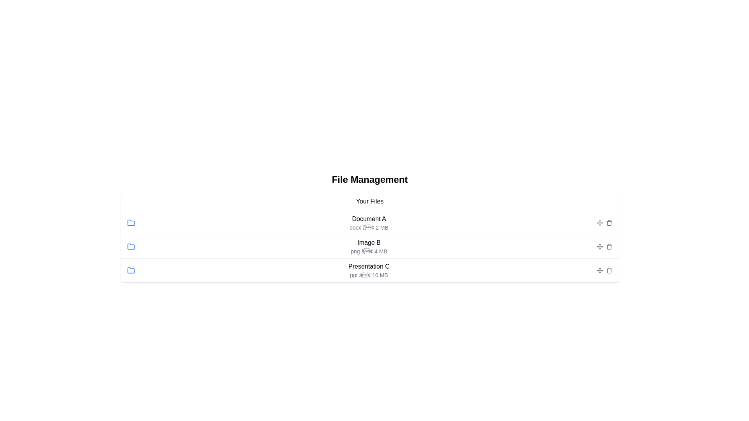 The image size is (749, 421). Describe the element at coordinates (599, 246) in the screenshot. I see `the Icon Button located to the left of the delete icon in the row corresponding to 'Image B'` at that location.